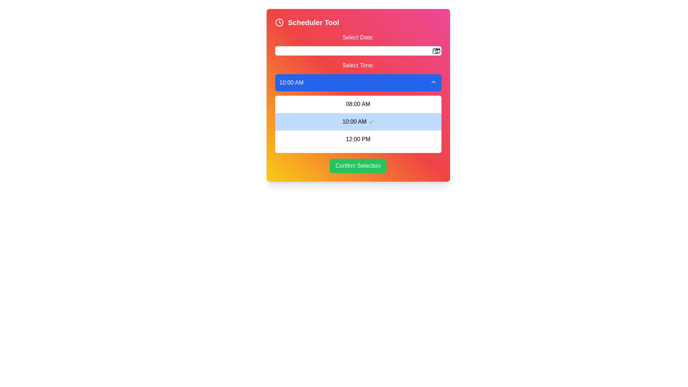  I want to click on the selectable time slot in the second row of the dropdown section below the 'Select Time' label, so click(358, 124).